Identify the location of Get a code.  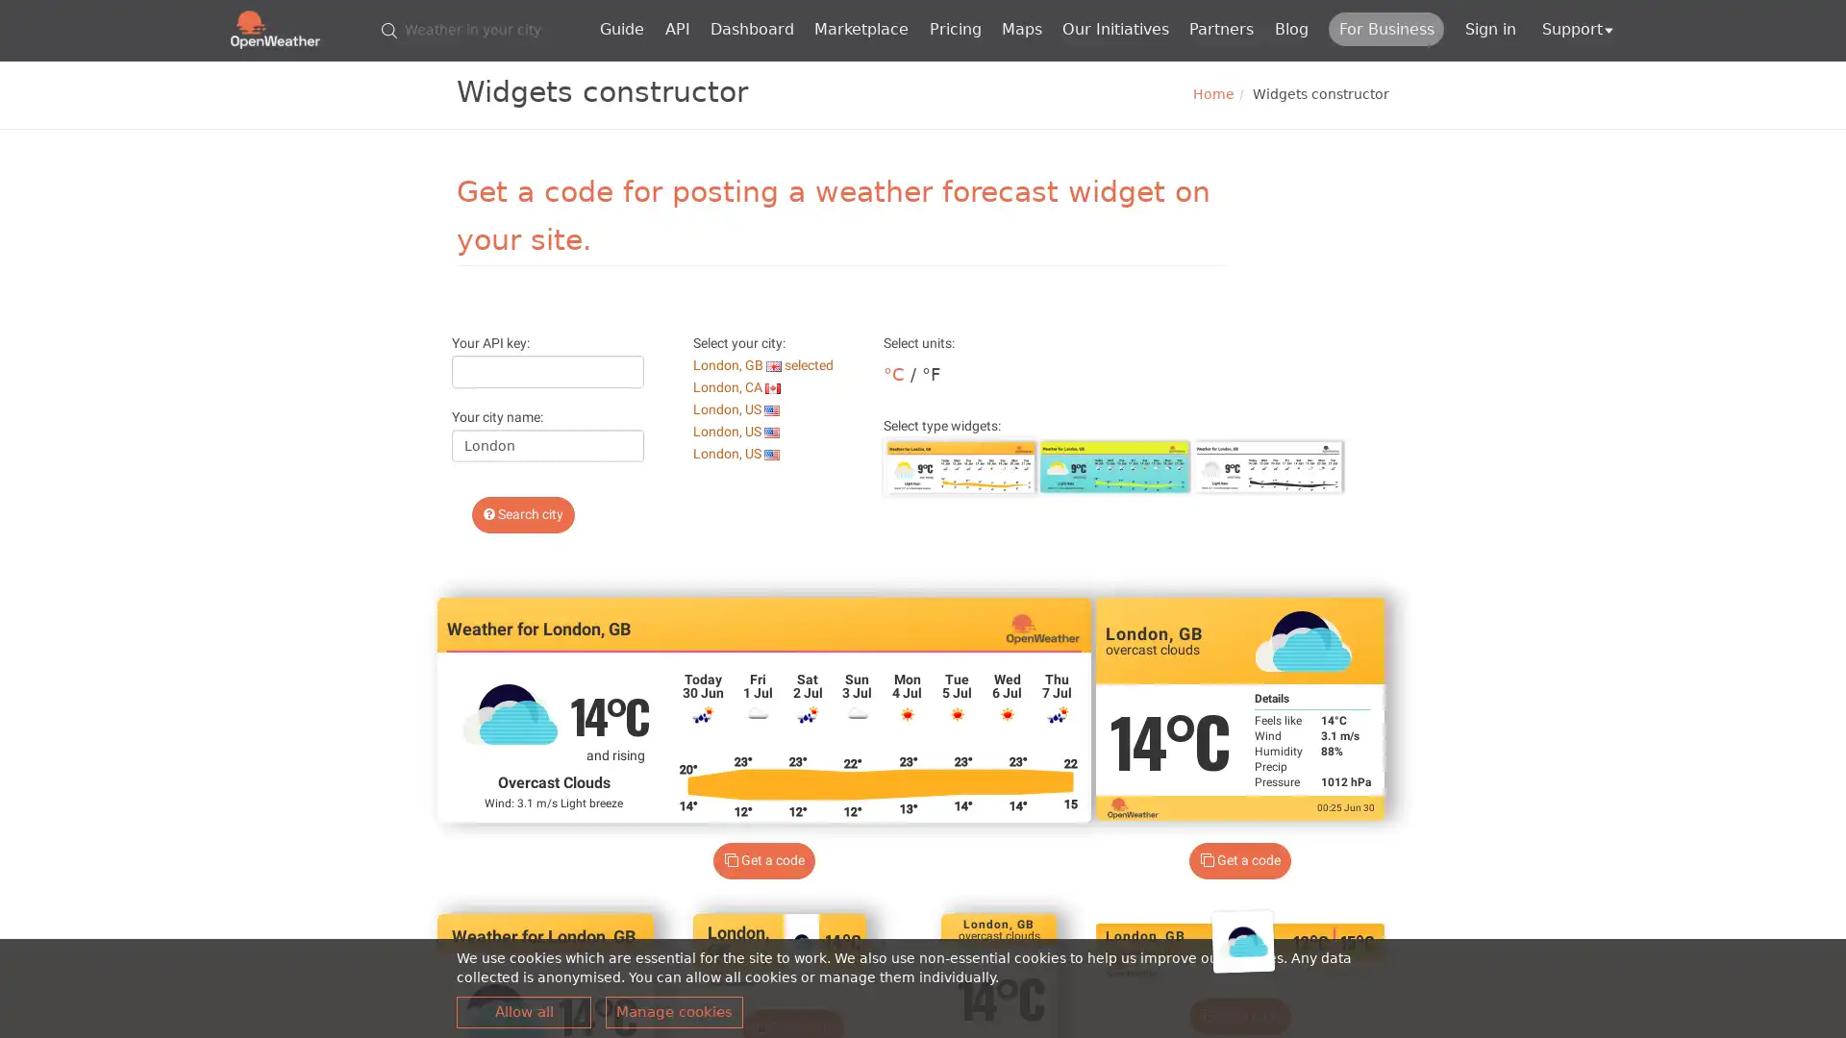
(1239, 1015).